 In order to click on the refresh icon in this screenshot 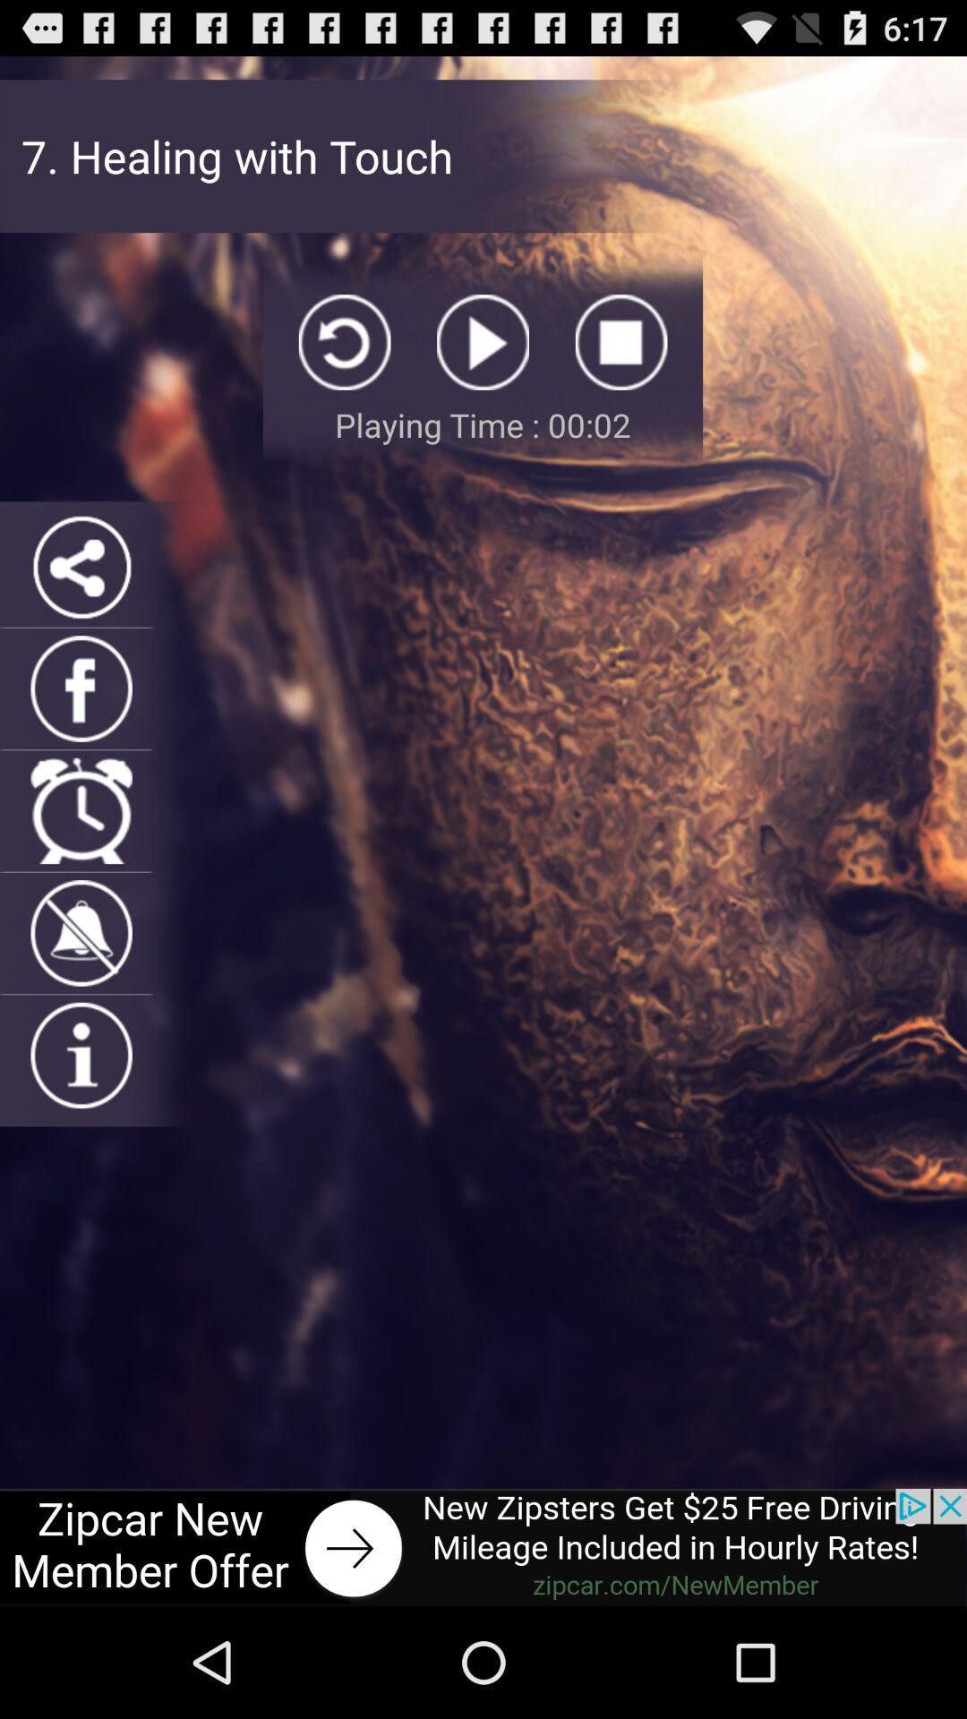, I will do `click(345, 365)`.